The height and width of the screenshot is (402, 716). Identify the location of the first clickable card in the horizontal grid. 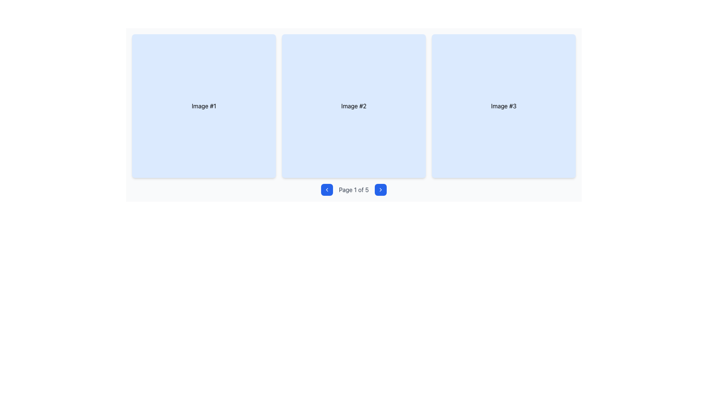
(204, 106).